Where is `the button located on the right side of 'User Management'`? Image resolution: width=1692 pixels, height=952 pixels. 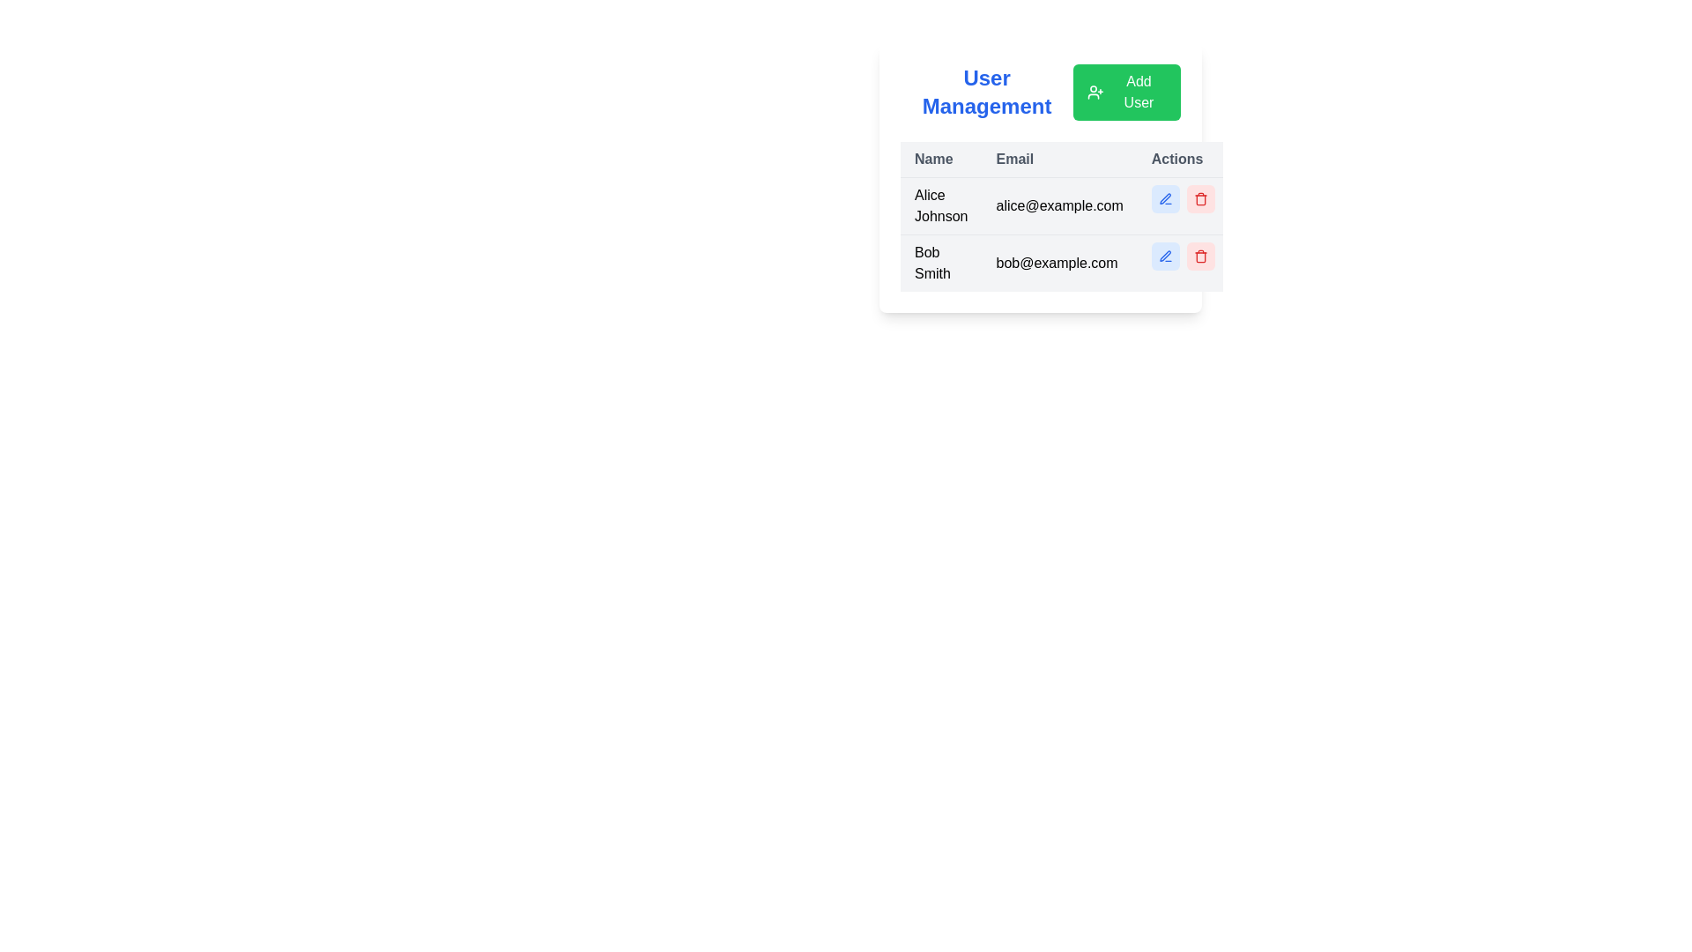
the button located on the right side of 'User Management' is located at coordinates (1125, 92).